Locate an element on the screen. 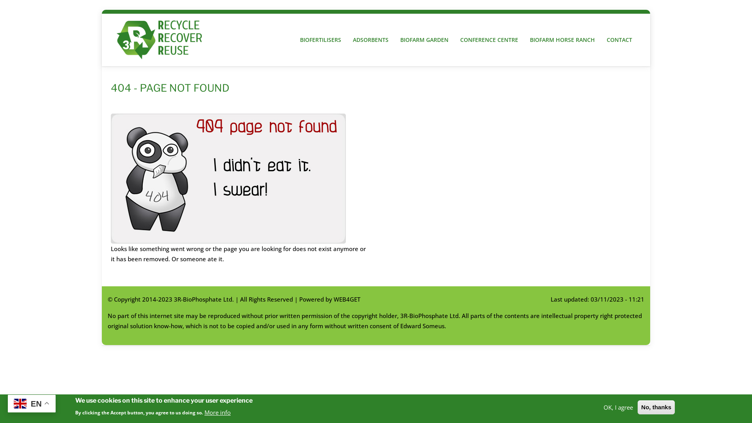 The height and width of the screenshot is (423, 752). 'WEB4GET' is located at coordinates (347, 299).